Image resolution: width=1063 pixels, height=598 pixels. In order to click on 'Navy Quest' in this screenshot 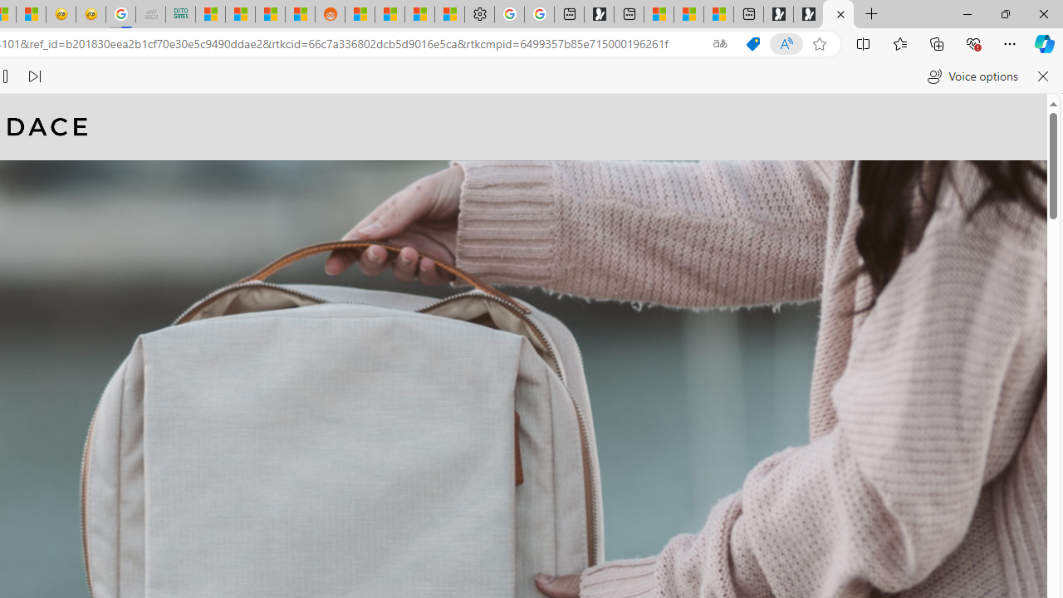, I will do `click(150, 14)`.